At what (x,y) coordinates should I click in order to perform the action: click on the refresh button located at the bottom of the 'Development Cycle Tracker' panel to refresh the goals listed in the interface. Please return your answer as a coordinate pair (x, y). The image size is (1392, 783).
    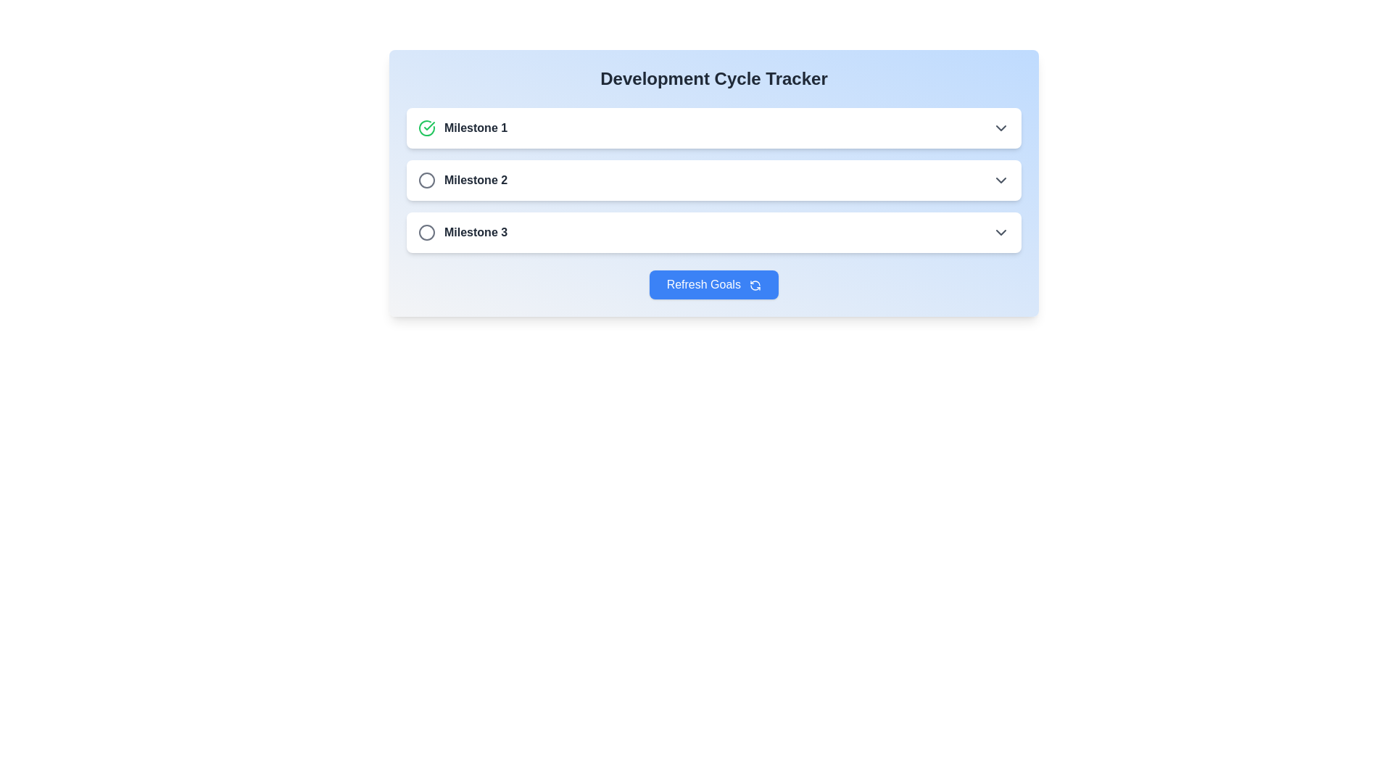
    Looking at the image, I should click on (713, 285).